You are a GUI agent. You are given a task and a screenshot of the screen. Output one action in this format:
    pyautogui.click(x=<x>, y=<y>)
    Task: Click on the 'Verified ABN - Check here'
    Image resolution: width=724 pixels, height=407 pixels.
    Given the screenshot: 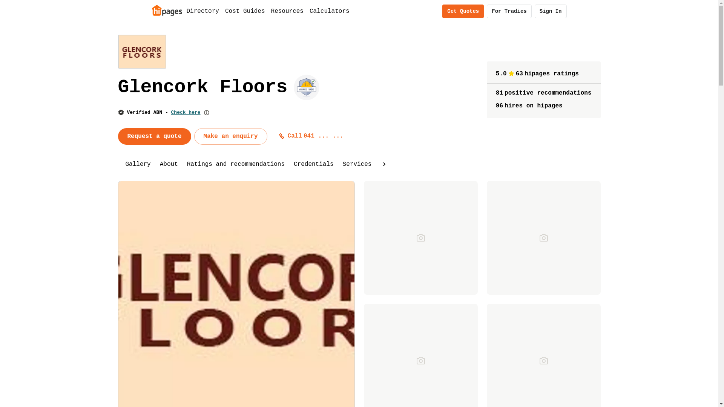 What is the action you would take?
    pyautogui.click(x=163, y=112)
    